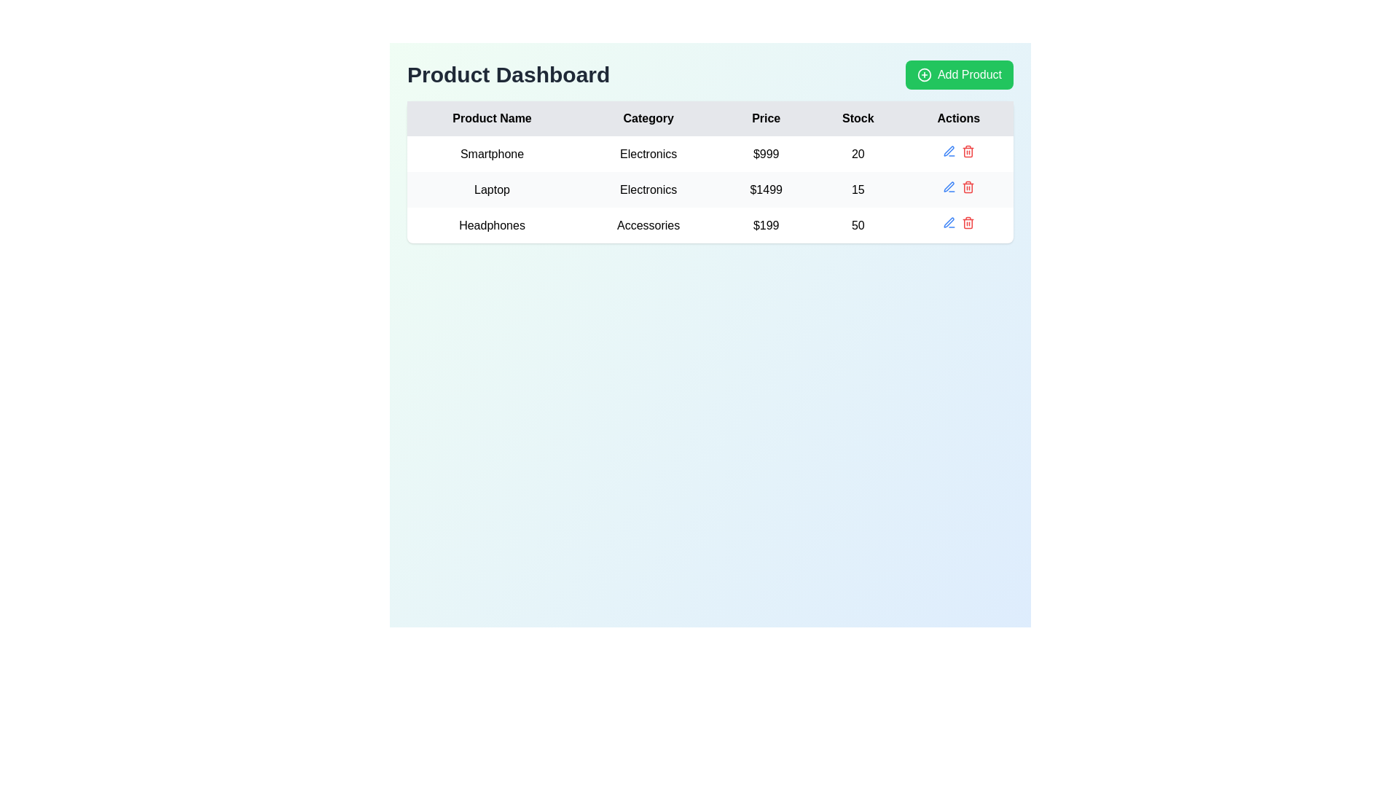 The image size is (1399, 787). I want to click on the non-interactive text label displaying the price of the Laptop, located in the third cell of the data table, so click(765, 189).